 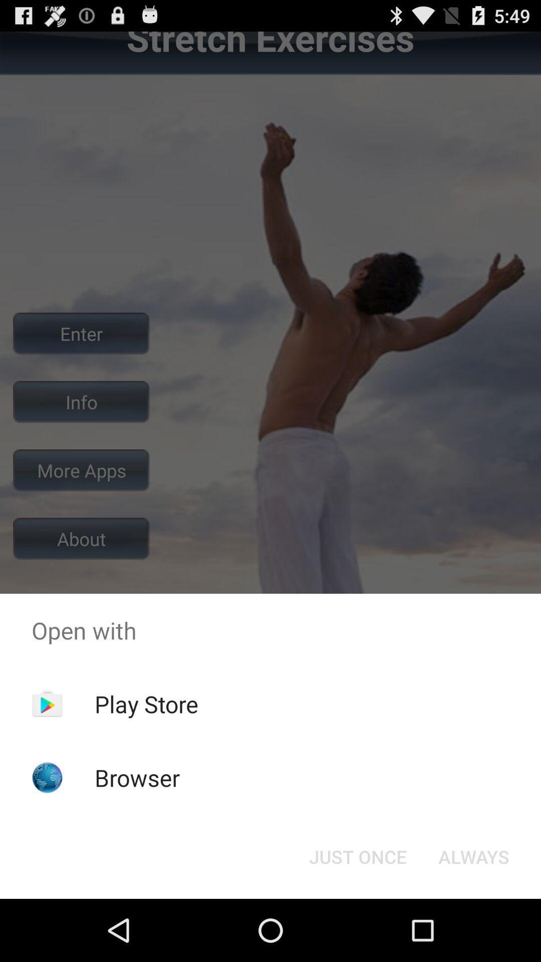 What do you see at coordinates (473, 856) in the screenshot?
I see `app below open with item` at bounding box center [473, 856].